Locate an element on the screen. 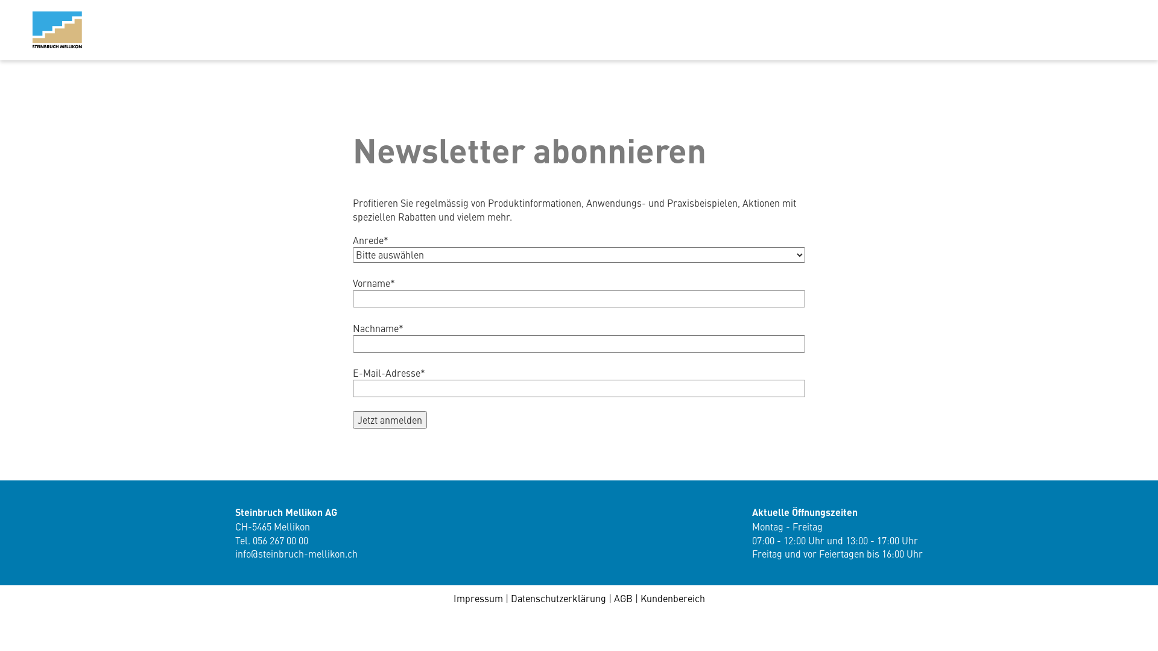 The width and height of the screenshot is (1158, 651). 'Kundenbereich' is located at coordinates (672, 597).